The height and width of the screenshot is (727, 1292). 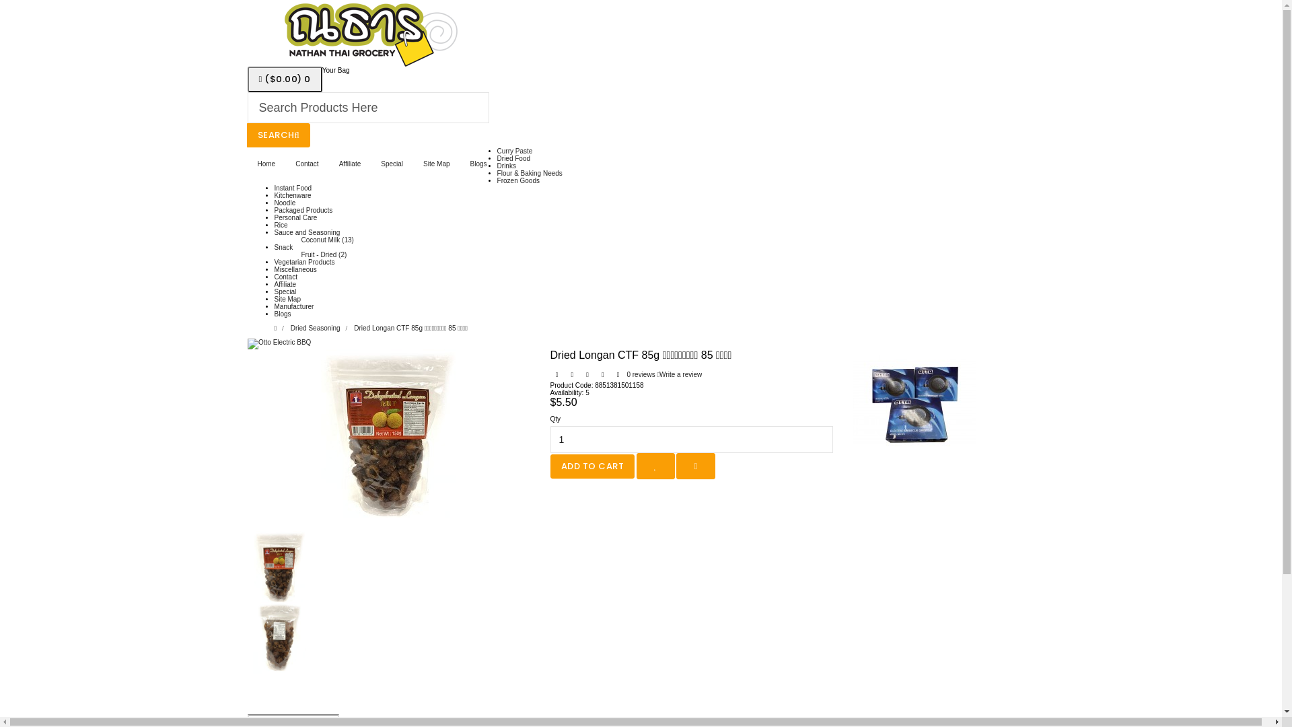 I want to click on 'SEARCH', so click(x=277, y=135).